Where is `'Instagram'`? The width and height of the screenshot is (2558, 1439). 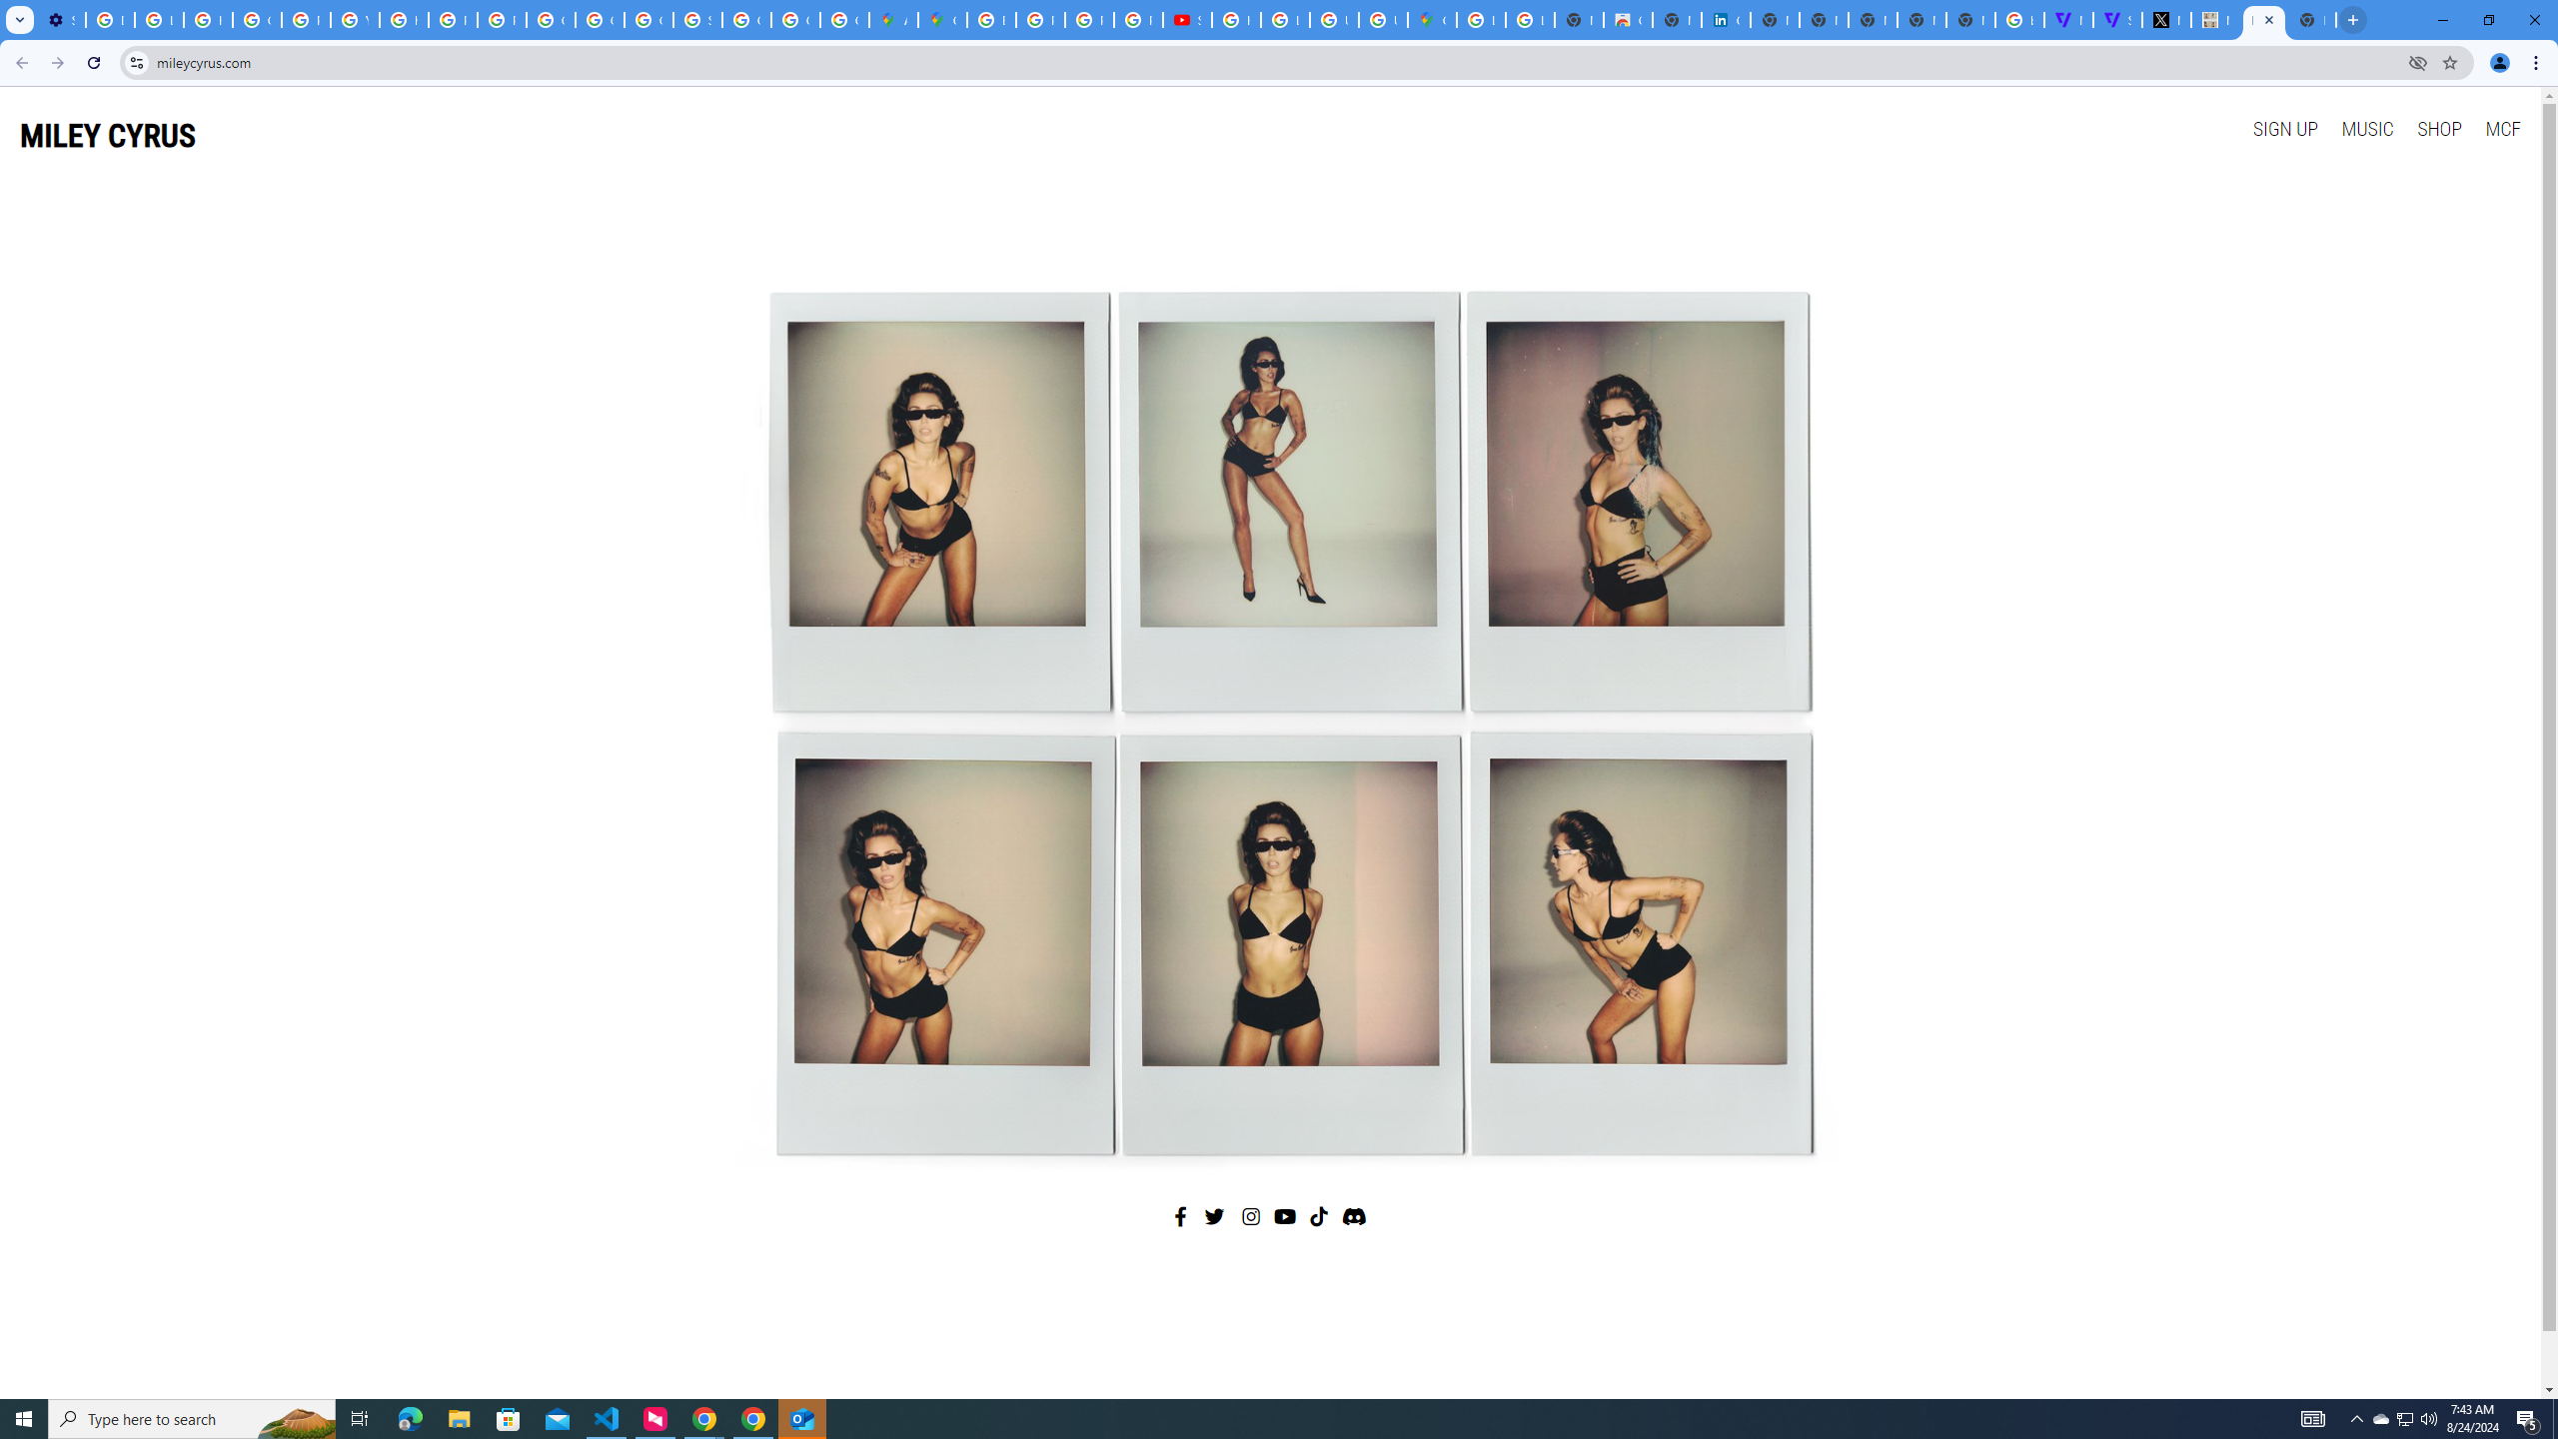 'Instagram' is located at coordinates (1251, 1216).